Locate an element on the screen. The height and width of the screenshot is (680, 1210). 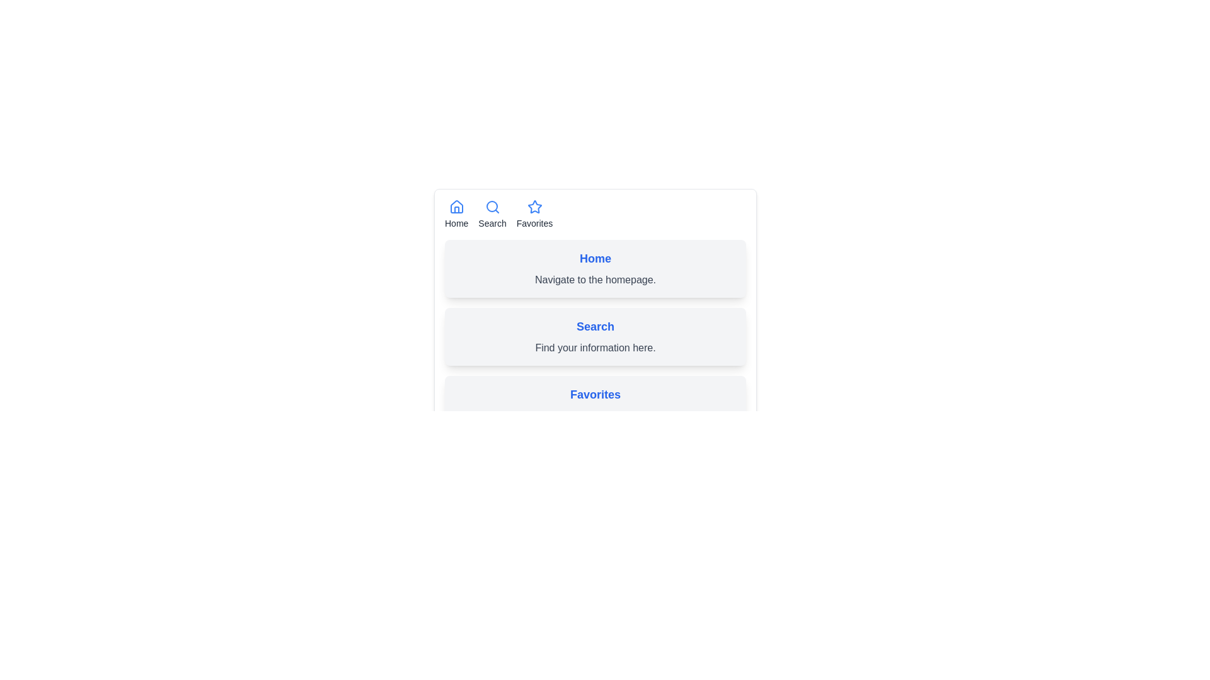
the Text Label for the Favorites section in the navigation menu, located below the star icon and positioned in the top center of the interface is located at coordinates (534, 222).